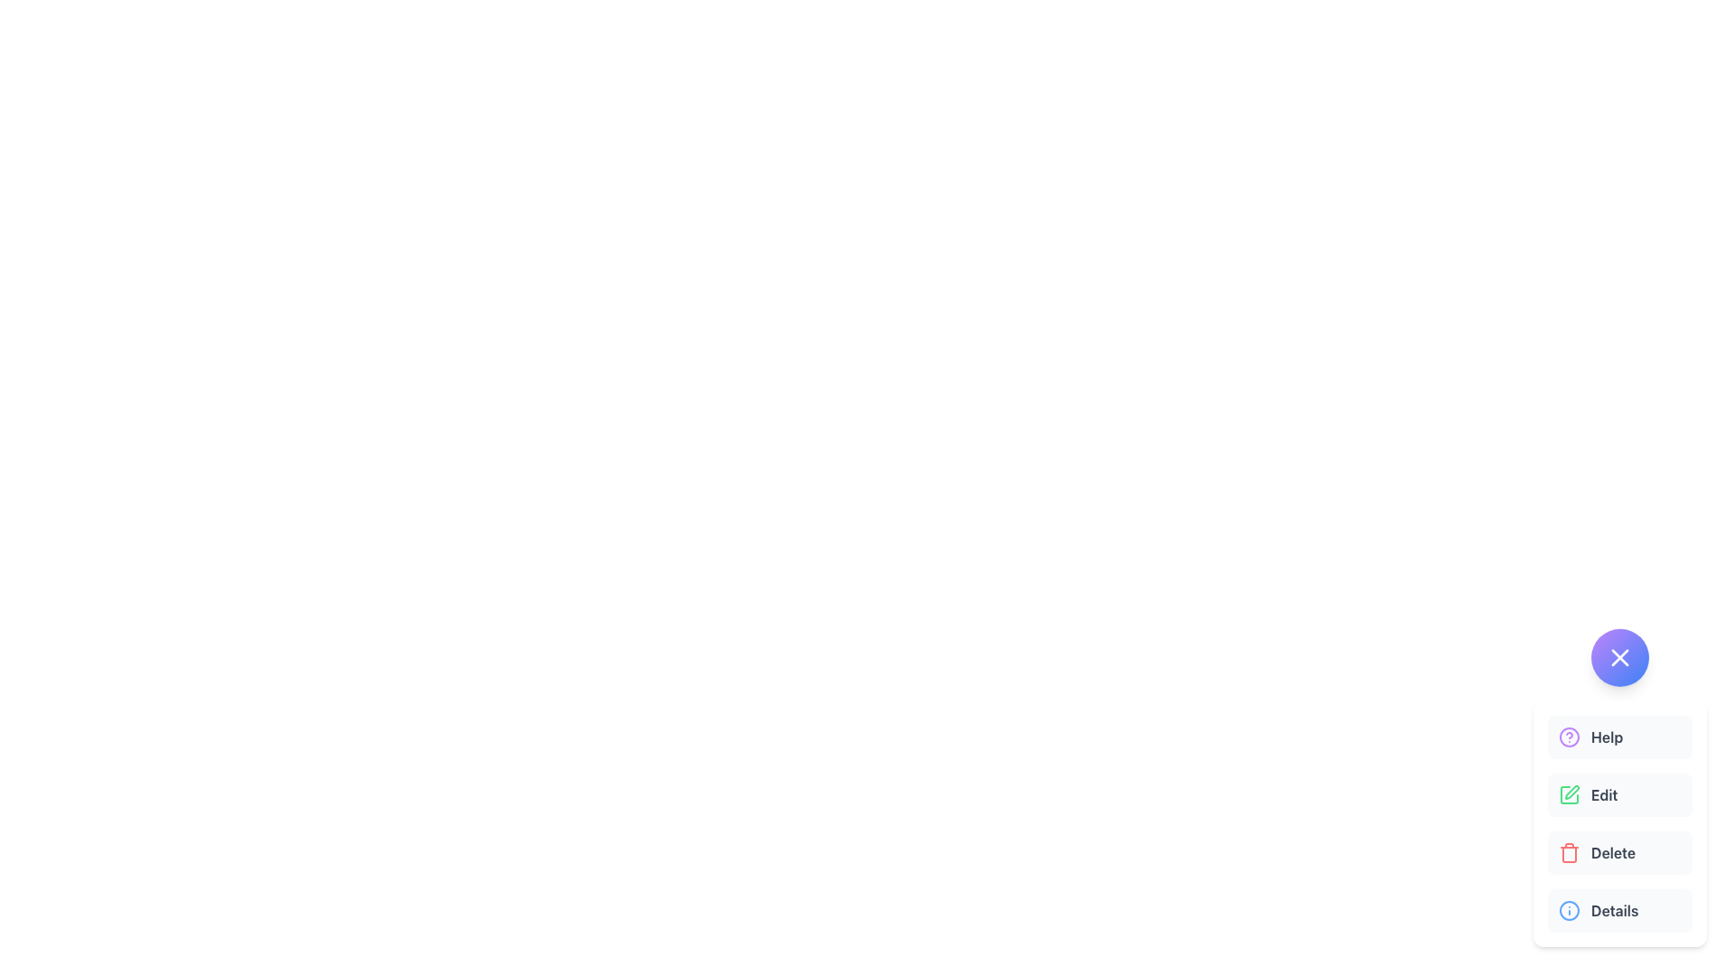 This screenshot has height=976, width=1736. I want to click on the 'Delete' option in the menu located in the bottom-right corner, which is the third option from the top and highlighted with a red icon, so click(1619, 823).